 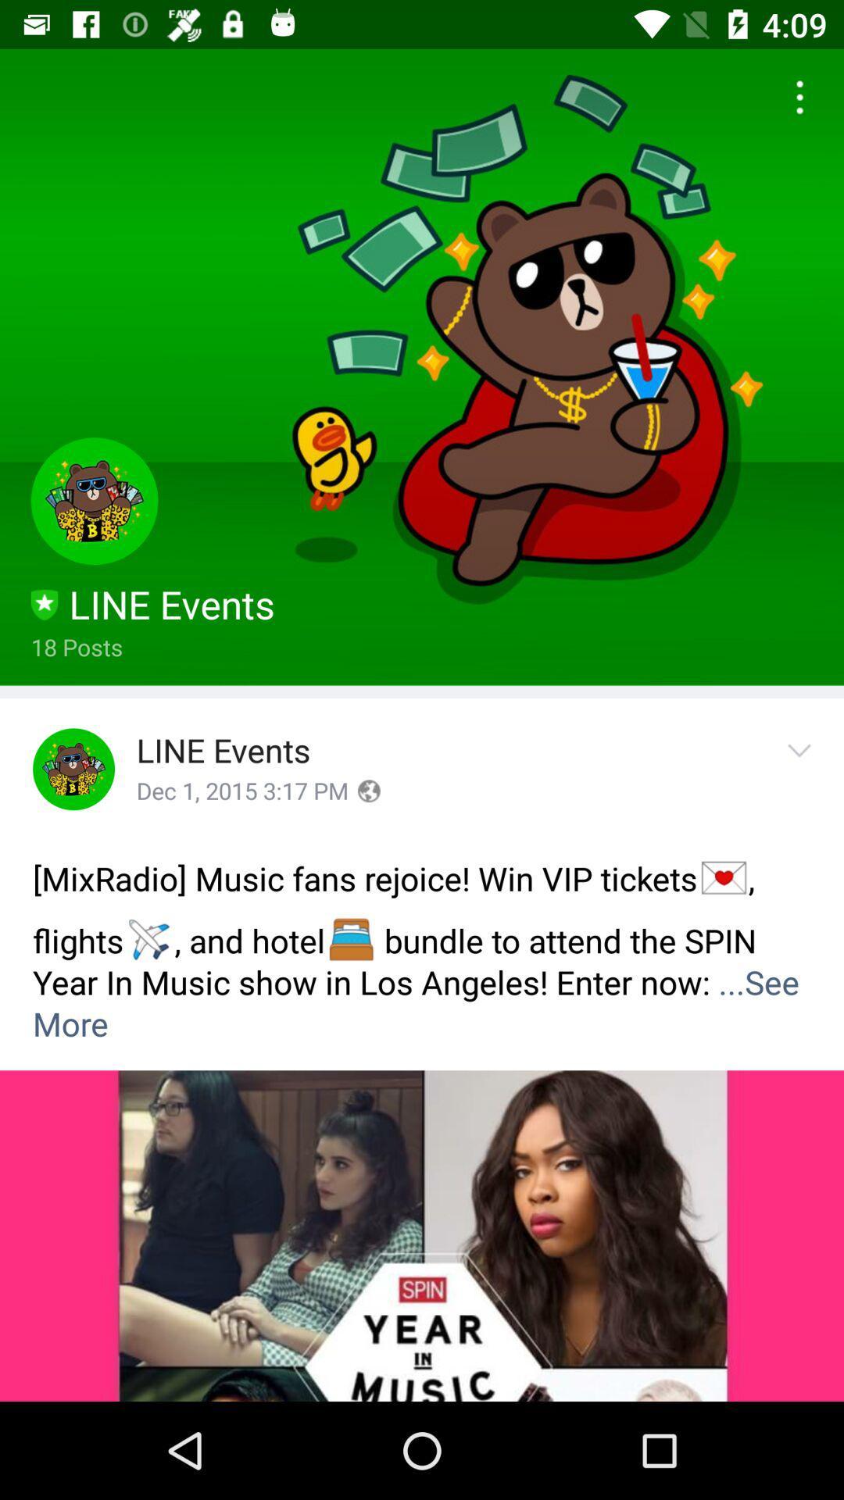 I want to click on the text line events, so click(x=224, y=752).